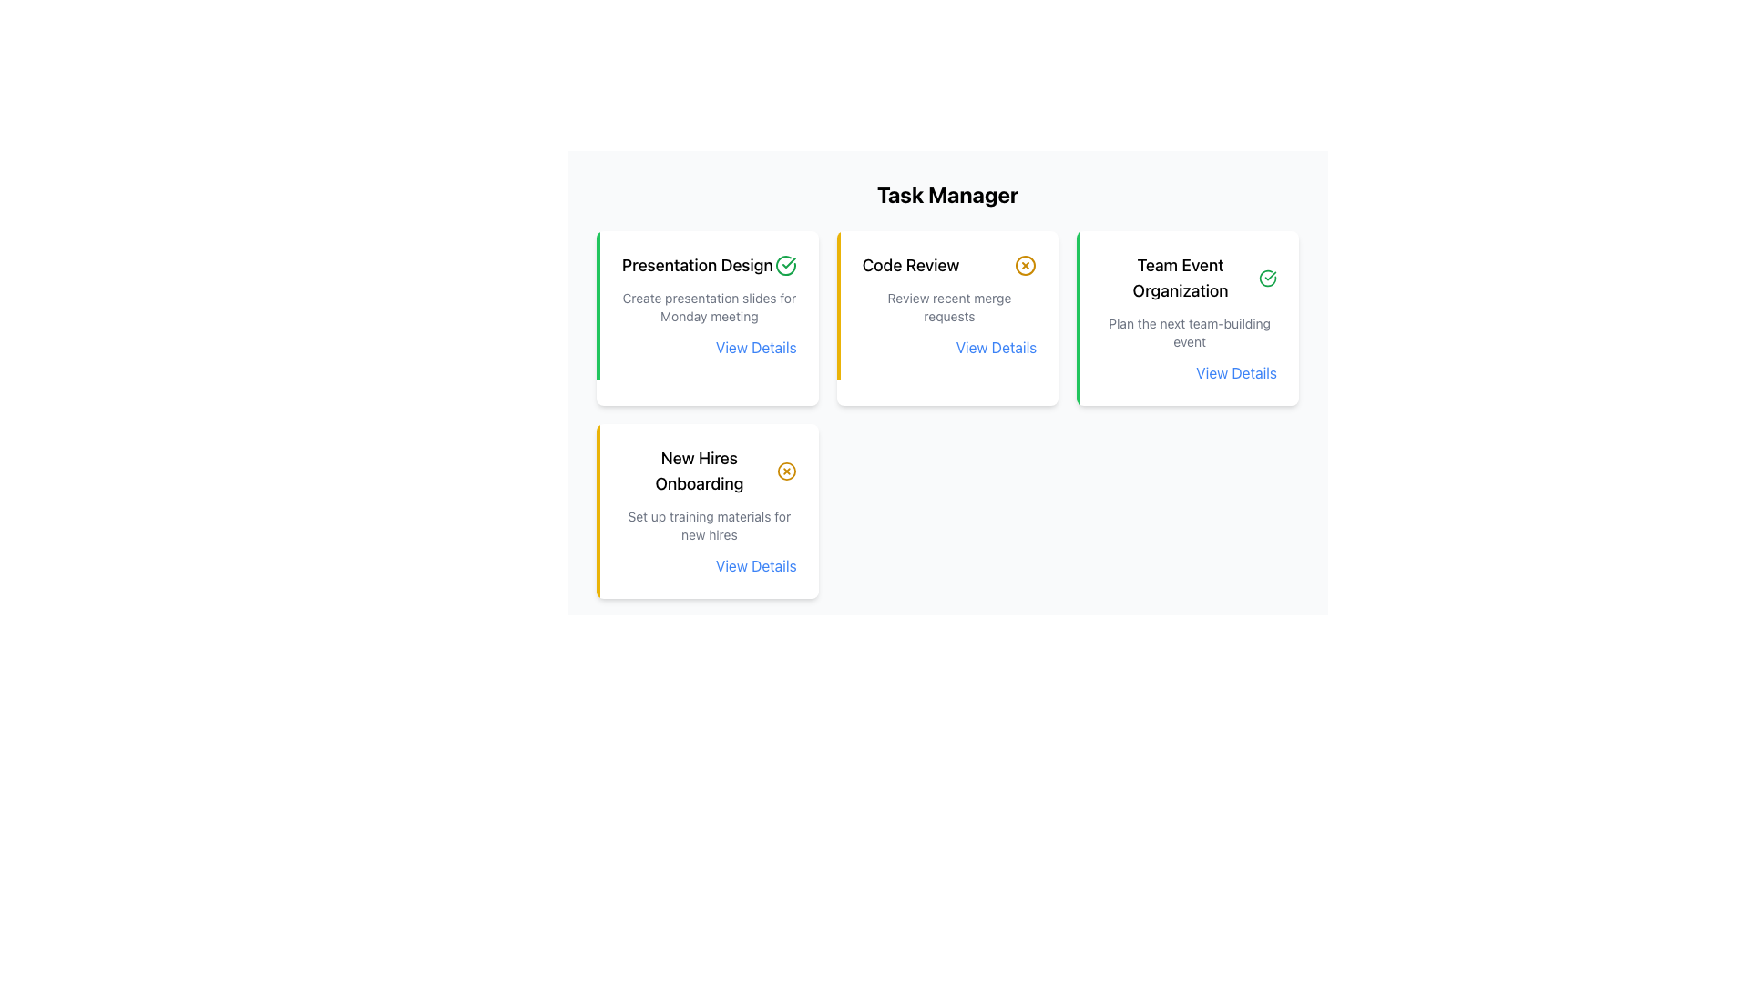  I want to click on the Text Label that serves as the title for its associated task card in the task management system, located between the 'Presentation Design' card and 'Team Event Organization', so click(910, 266).